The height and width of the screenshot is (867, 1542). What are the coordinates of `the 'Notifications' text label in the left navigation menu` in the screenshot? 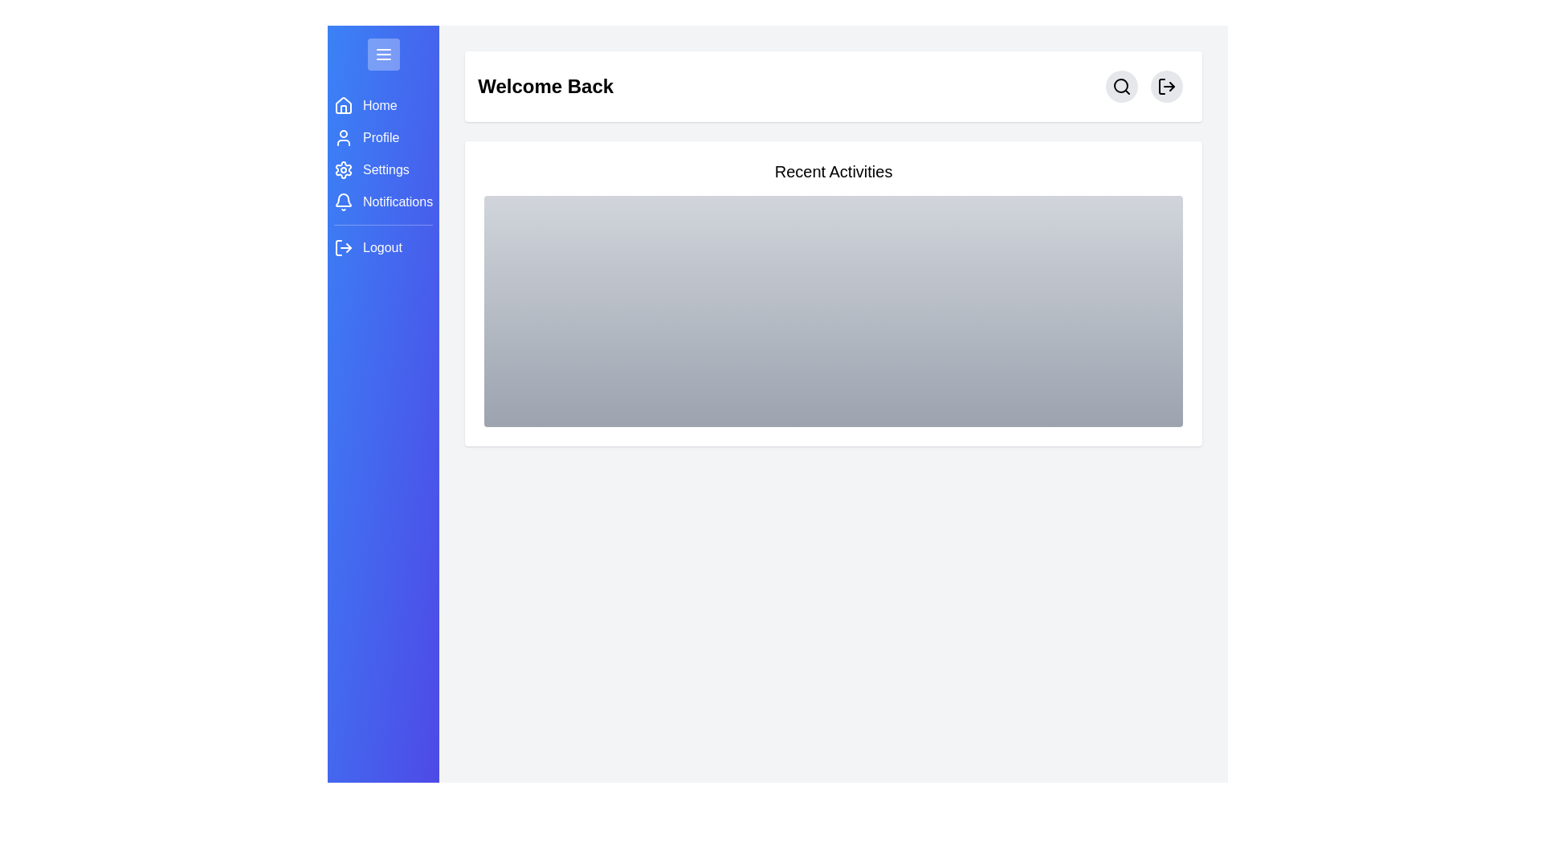 It's located at (398, 201).